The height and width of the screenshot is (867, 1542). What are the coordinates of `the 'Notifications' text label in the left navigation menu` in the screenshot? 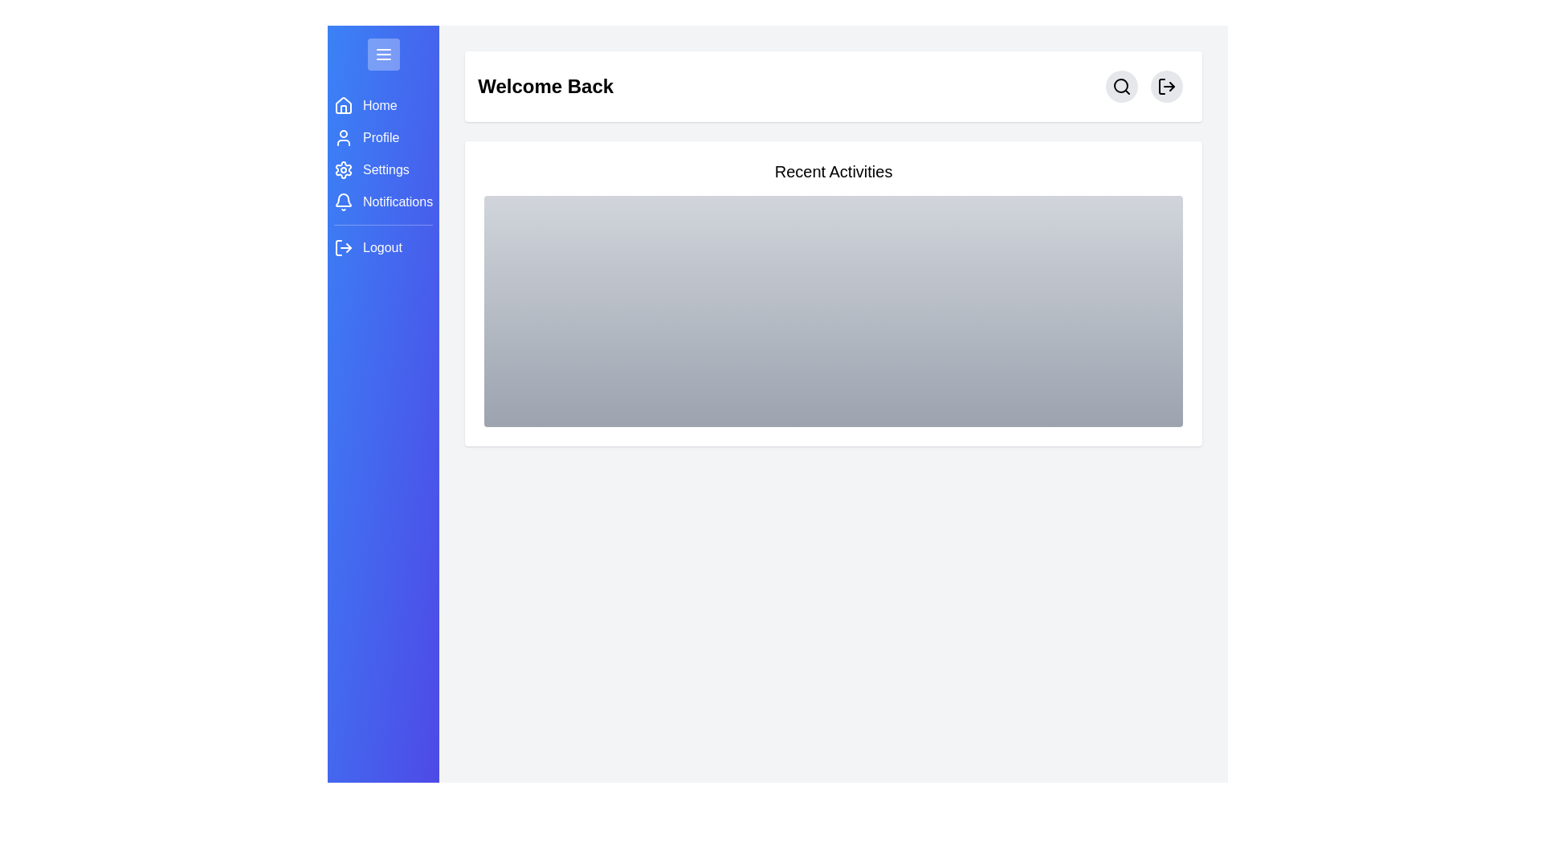 It's located at (398, 201).